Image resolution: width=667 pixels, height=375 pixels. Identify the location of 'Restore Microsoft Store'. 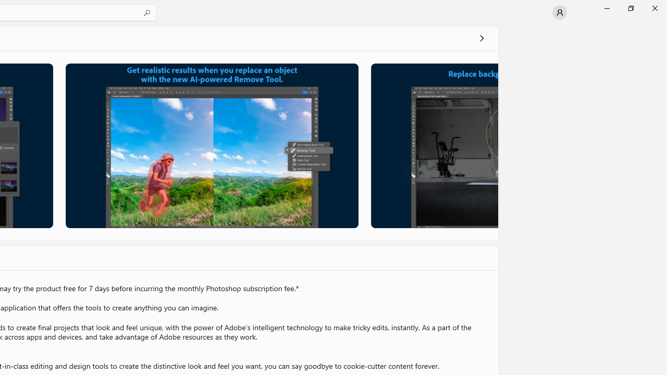
(630, 8).